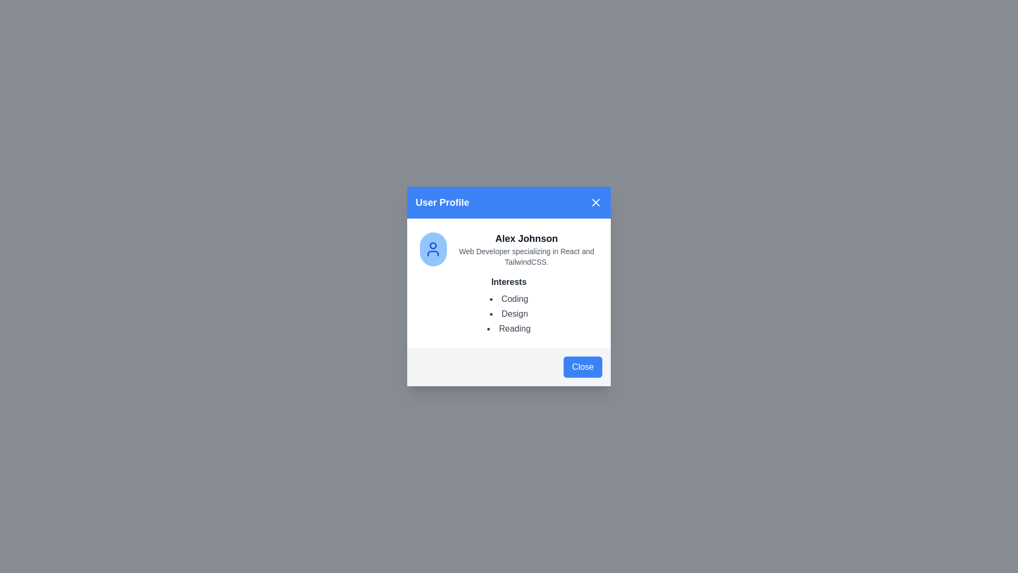 The height and width of the screenshot is (573, 1018). I want to click on descriptive subtitle located directly below the name 'Alex Johnson' in the user profile card, which provides details about the user's skills or occupation, so click(526, 256).